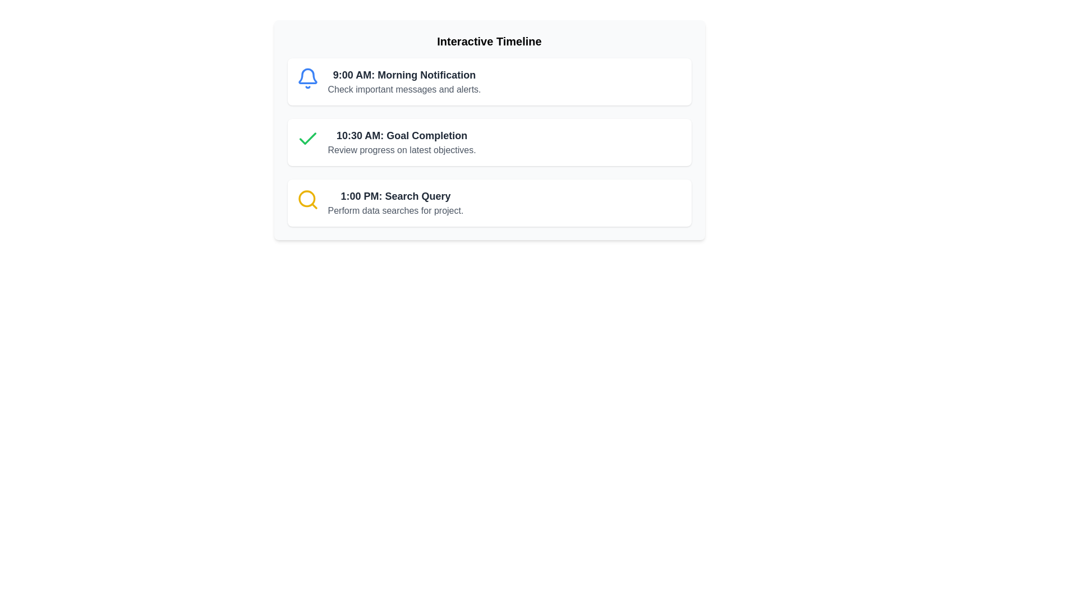 Image resolution: width=1077 pixels, height=606 pixels. I want to click on the static text element that reads 'Review progress on latest objectives.', which is styled in gray and is located below the title '10:30 AM: Goal Completion', so click(402, 149).